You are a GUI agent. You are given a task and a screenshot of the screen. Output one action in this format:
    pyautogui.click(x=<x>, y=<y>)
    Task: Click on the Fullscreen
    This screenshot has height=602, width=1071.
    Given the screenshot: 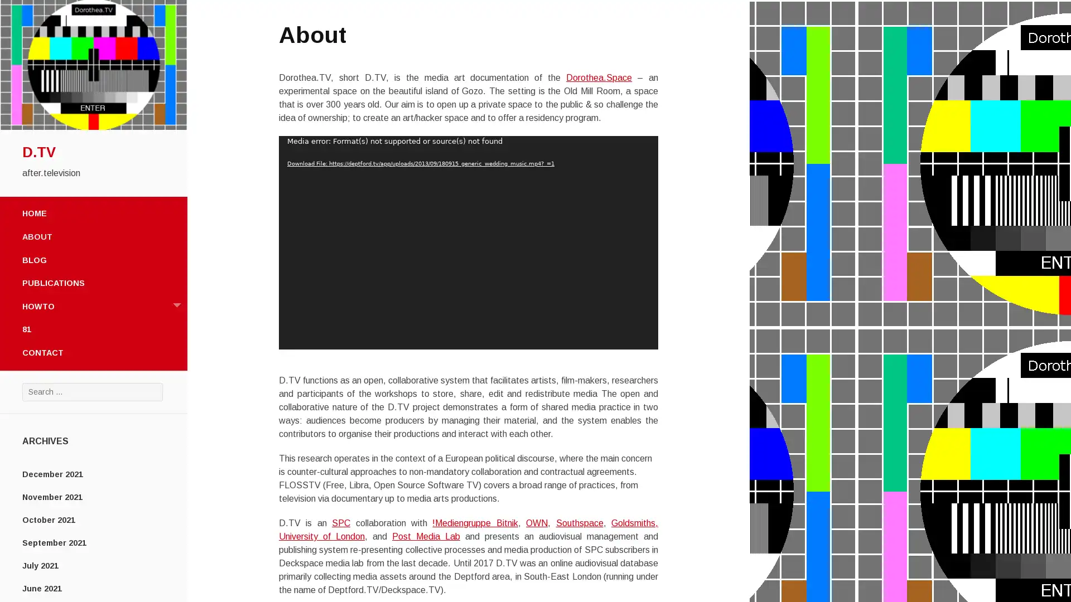 What is the action you would take?
    pyautogui.click(x=643, y=337)
    